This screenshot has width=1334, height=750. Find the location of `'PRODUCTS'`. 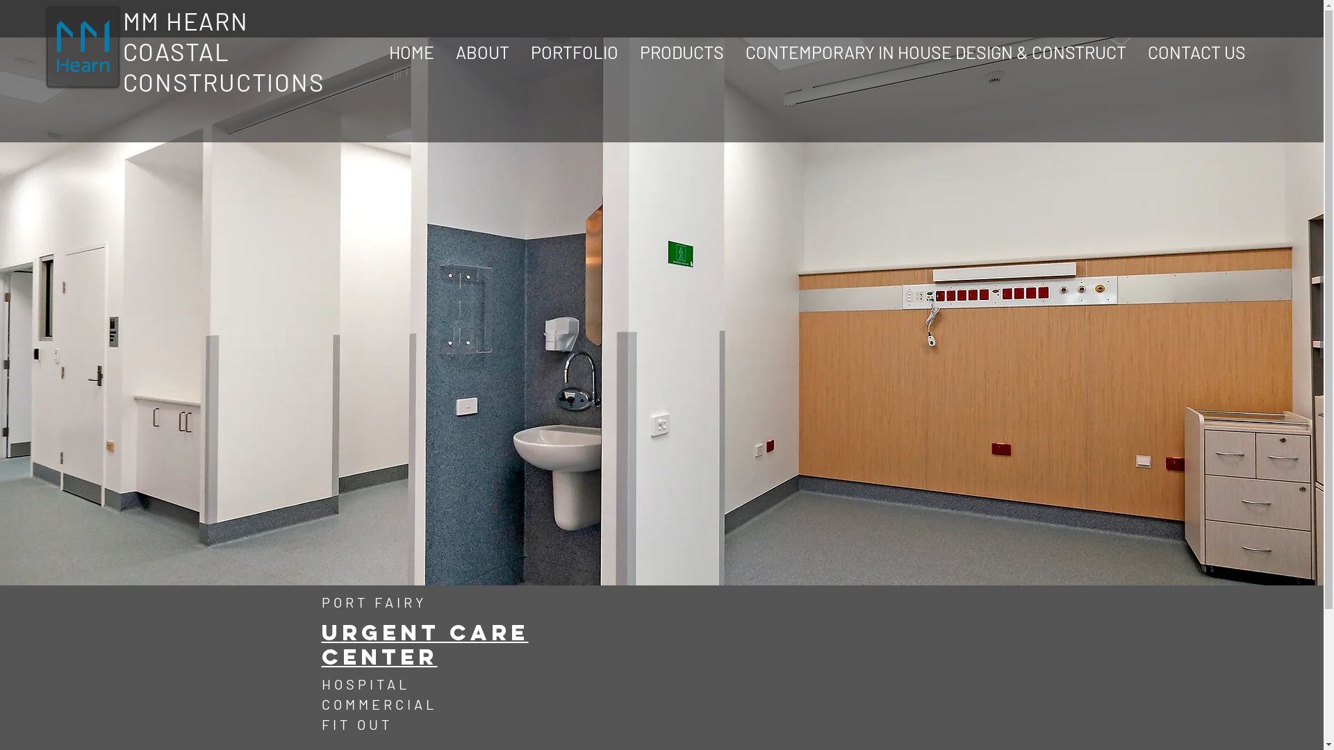

'PRODUCTS' is located at coordinates (682, 51).